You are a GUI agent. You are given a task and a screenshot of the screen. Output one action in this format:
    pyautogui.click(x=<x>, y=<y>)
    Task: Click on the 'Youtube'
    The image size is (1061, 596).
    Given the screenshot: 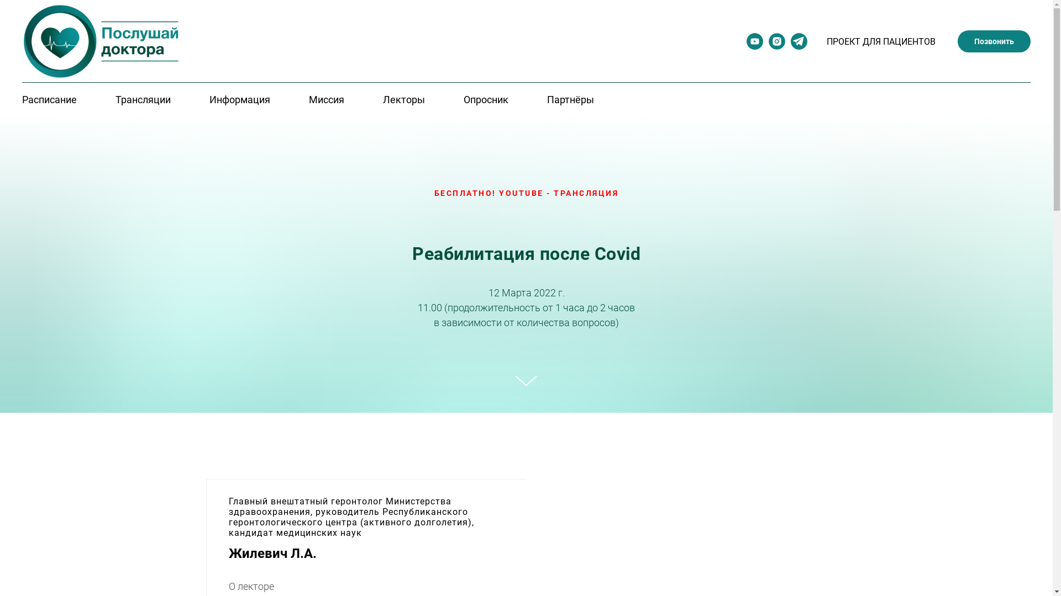 What is the action you would take?
    pyautogui.click(x=746, y=46)
    